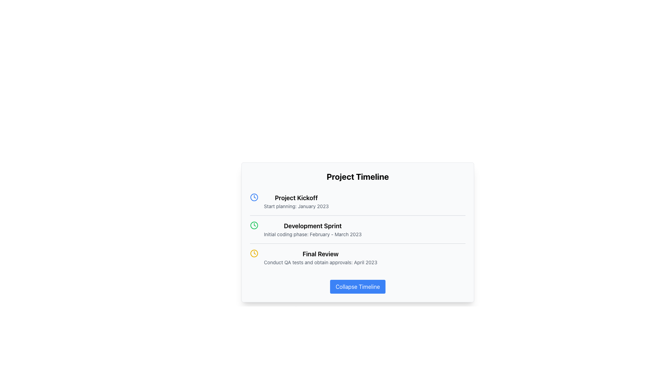 This screenshot has height=374, width=665. What do you see at coordinates (357, 287) in the screenshot?
I see `the button located at the bottom of the 'Project Timeline' section` at bounding box center [357, 287].